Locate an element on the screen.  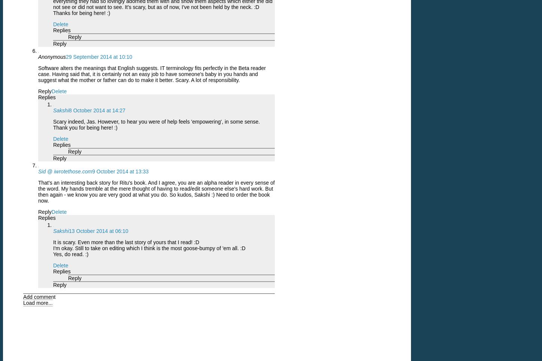
'I'm okay. Still to take on editing which I think is the most goose-bumpy of 'em all. :D' is located at coordinates (149, 247).